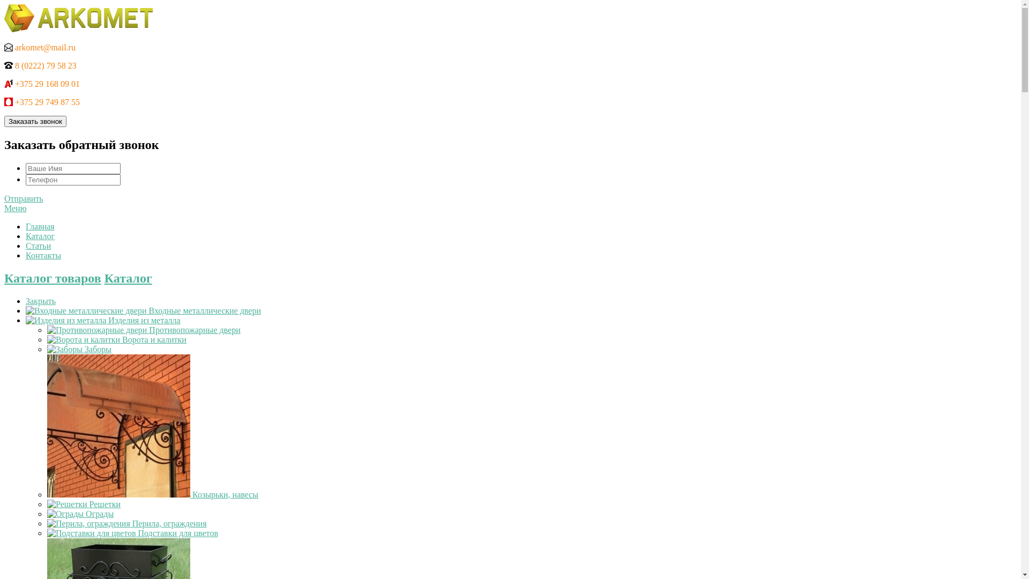 The height and width of the screenshot is (579, 1029). What do you see at coordinates (4, 83) in the screenshot?
I see `'A1'` at bounding box center [4, 83].